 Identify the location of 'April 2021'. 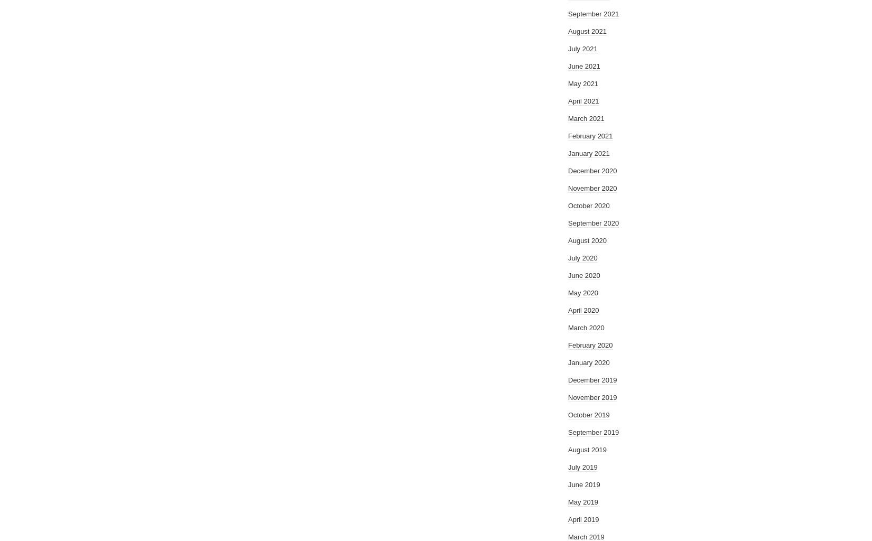
(583, 101).